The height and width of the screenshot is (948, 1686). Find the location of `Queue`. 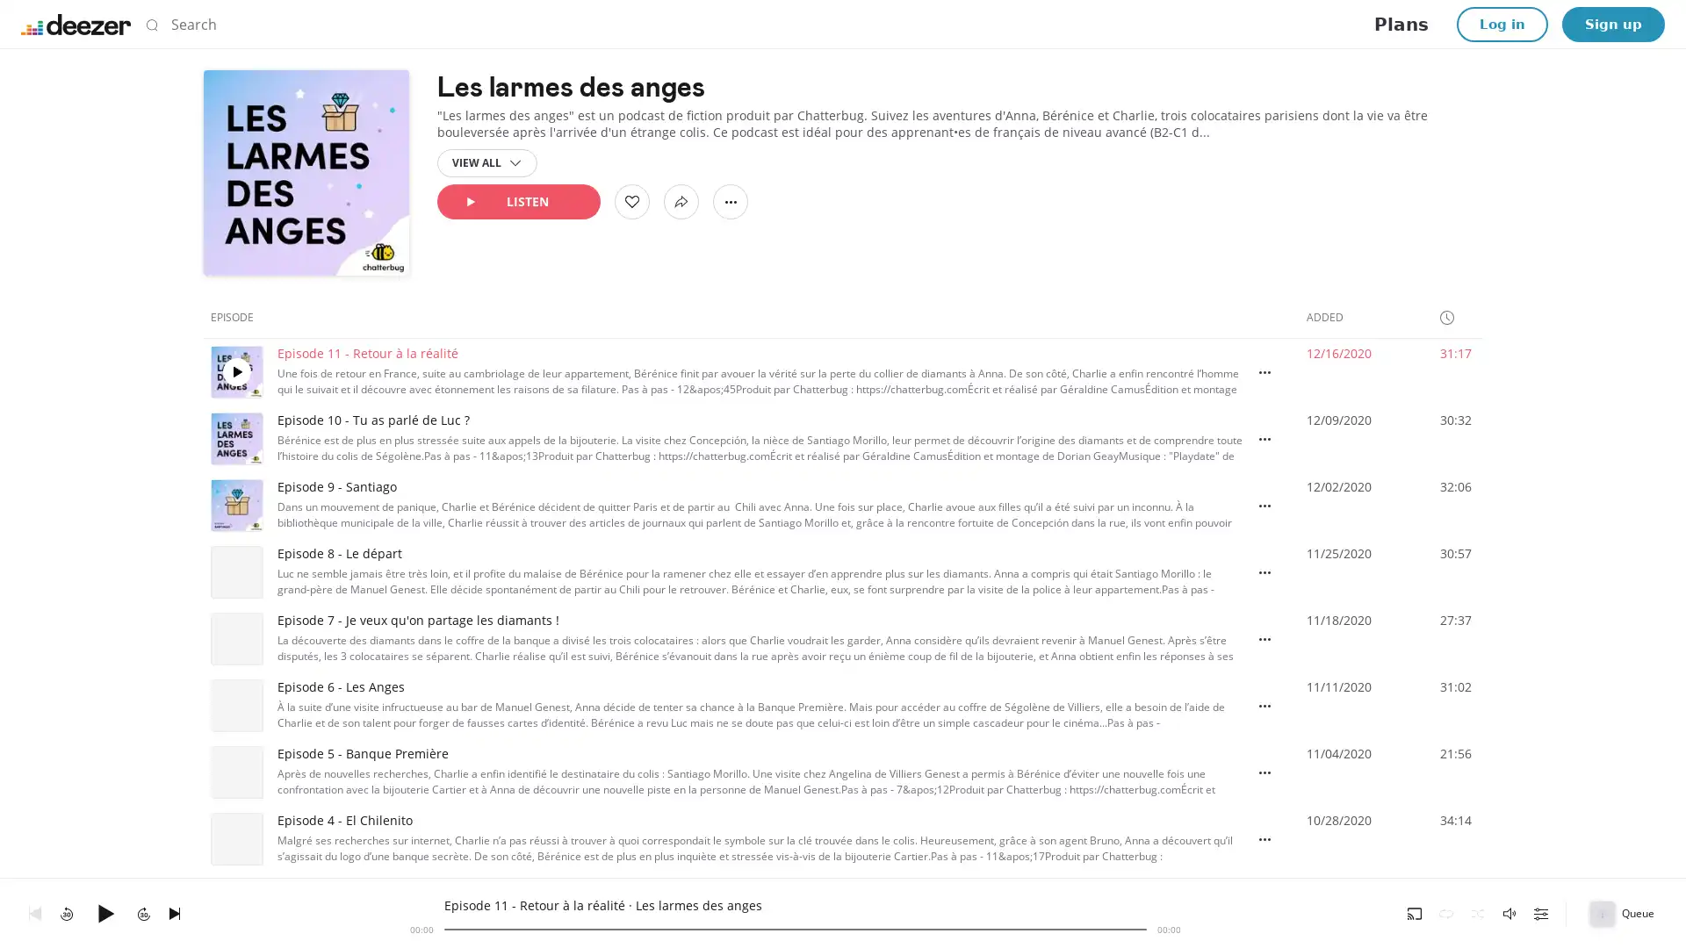

Queue is located at coordinates (1623, 912).